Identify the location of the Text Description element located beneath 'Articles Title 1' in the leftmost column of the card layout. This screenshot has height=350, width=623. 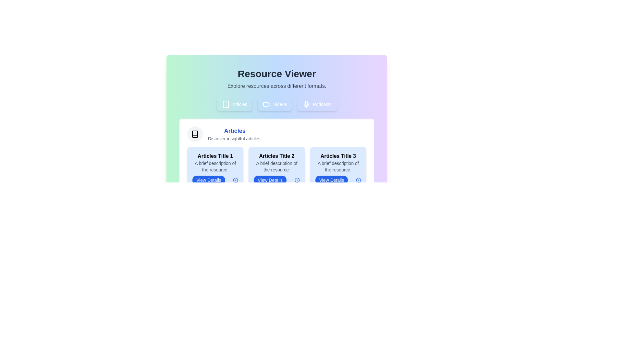
(215, 166).